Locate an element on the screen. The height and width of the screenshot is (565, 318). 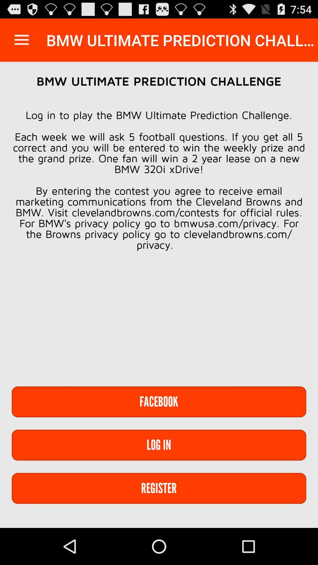
the item at the top left corner is located at coordinates (21, 40).